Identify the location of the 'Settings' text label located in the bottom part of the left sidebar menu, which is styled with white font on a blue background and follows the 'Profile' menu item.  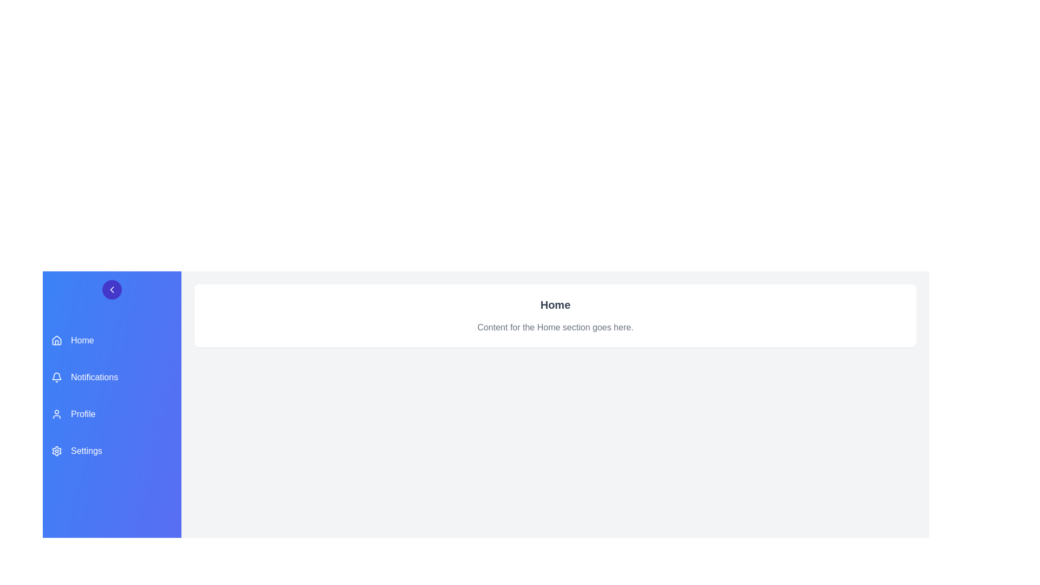
(86, 451).